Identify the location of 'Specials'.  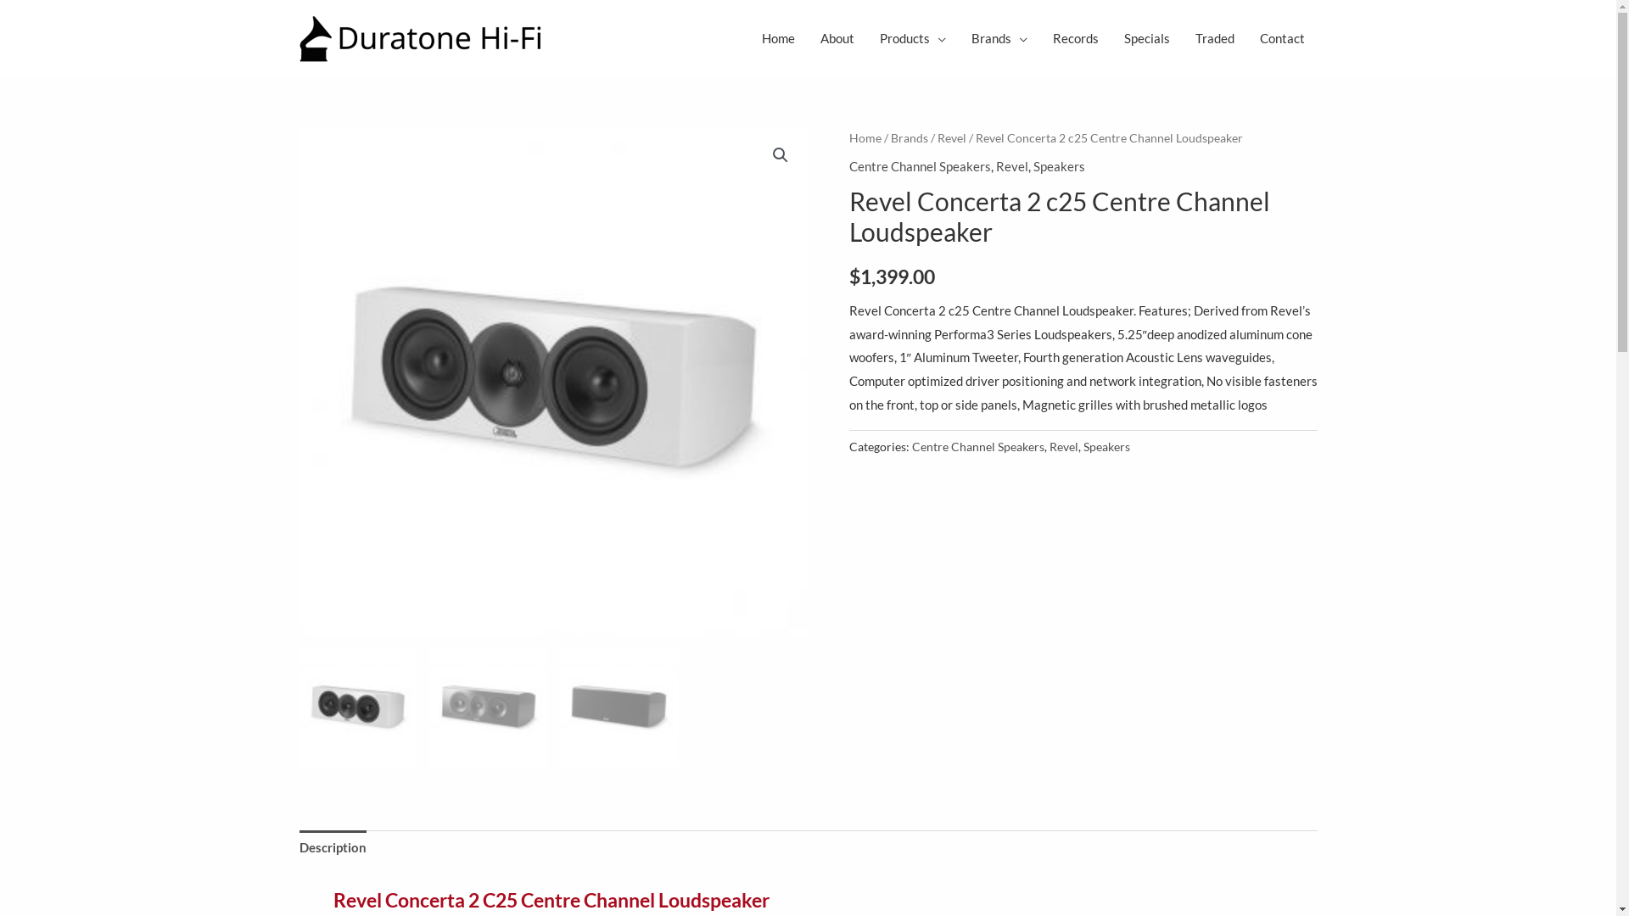
(1111, 38).